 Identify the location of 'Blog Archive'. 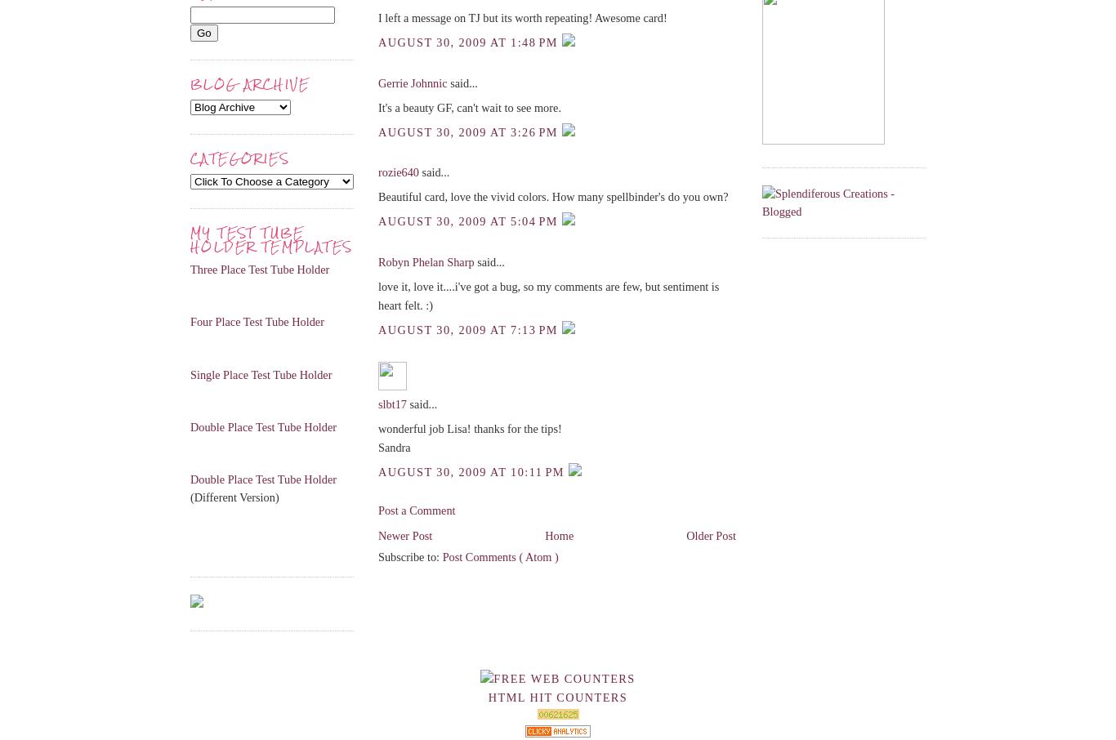
(190, 83).